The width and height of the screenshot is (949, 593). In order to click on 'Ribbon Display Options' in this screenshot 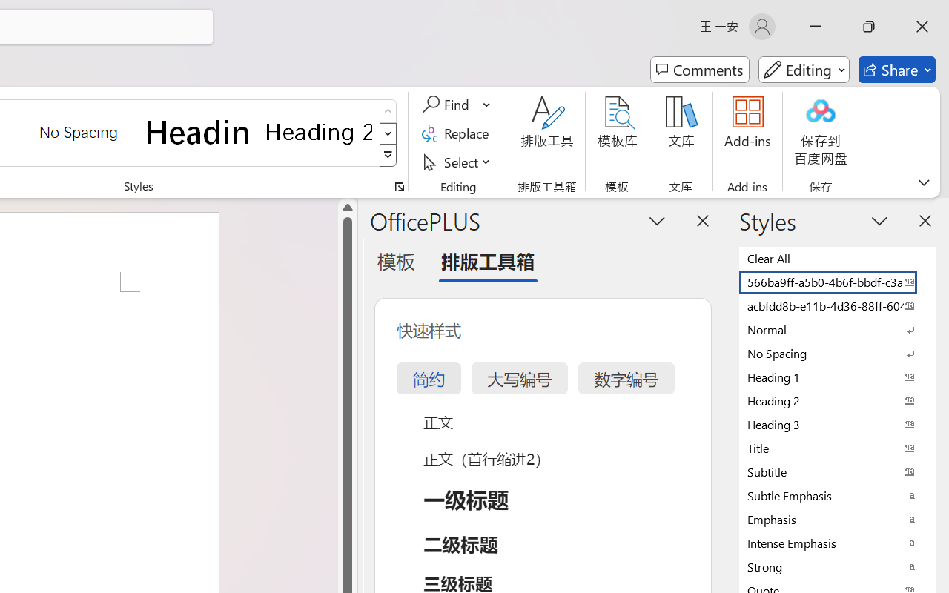, I will do `click(923, 182)`.